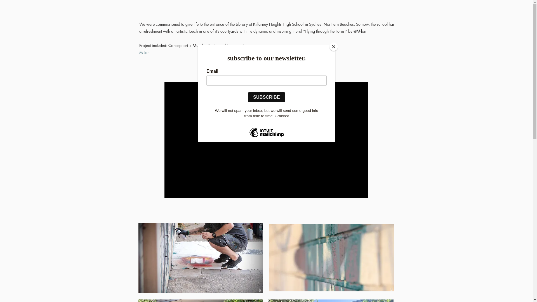 The image size is (537, 302). Describe the element at coordinates (144, 52) in the screenshot. I see `'M-Lon'` at that location.